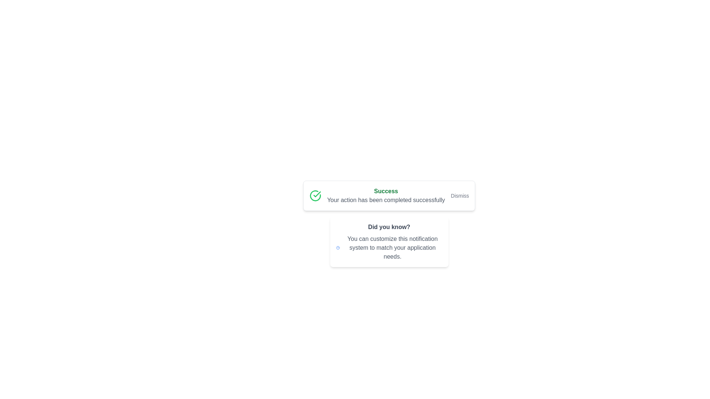 This screenshot has width=710, height=399. Describe the element at coordinates (385, 200) in the screenshot. I see `text label displaying the message 'Your action has been completed successfully', which is styled with a gray-colored font and is positioned below the 'Success' label in the notification card` at that location.